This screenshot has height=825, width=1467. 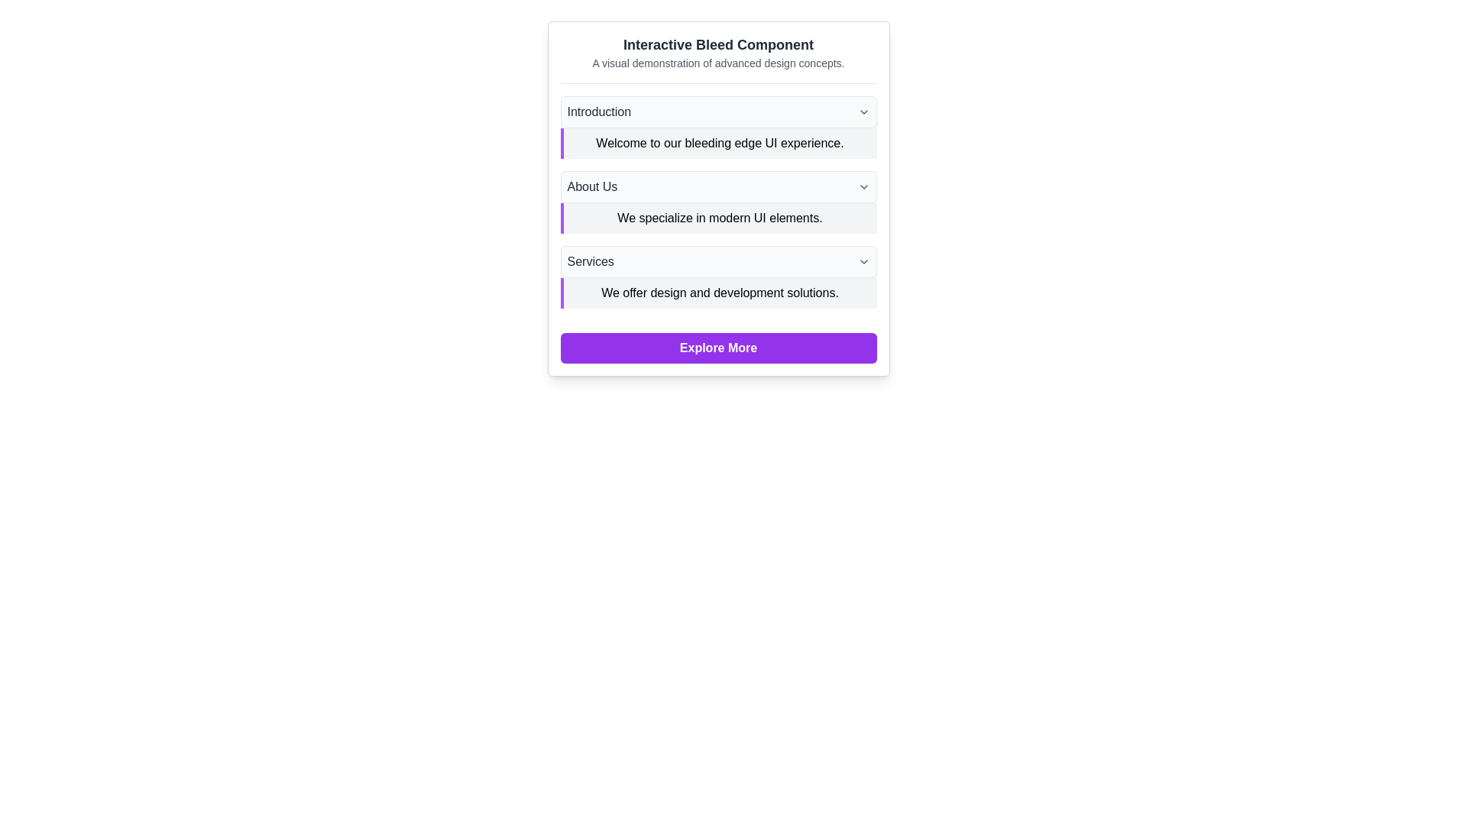 What do you see at coordinates (598, 111) in the screenshot?
I see `the 'Introduction' label, which is positioned under the 'Interactive Bleed Component' heading and precedes an icon in a collapsible menu section` at bounding box center [598, 111].